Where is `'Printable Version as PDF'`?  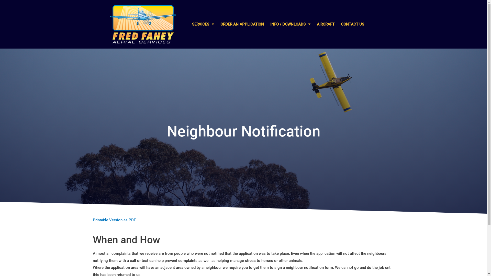
'Printable Version as PDF' is located at coordinates (114, 220).